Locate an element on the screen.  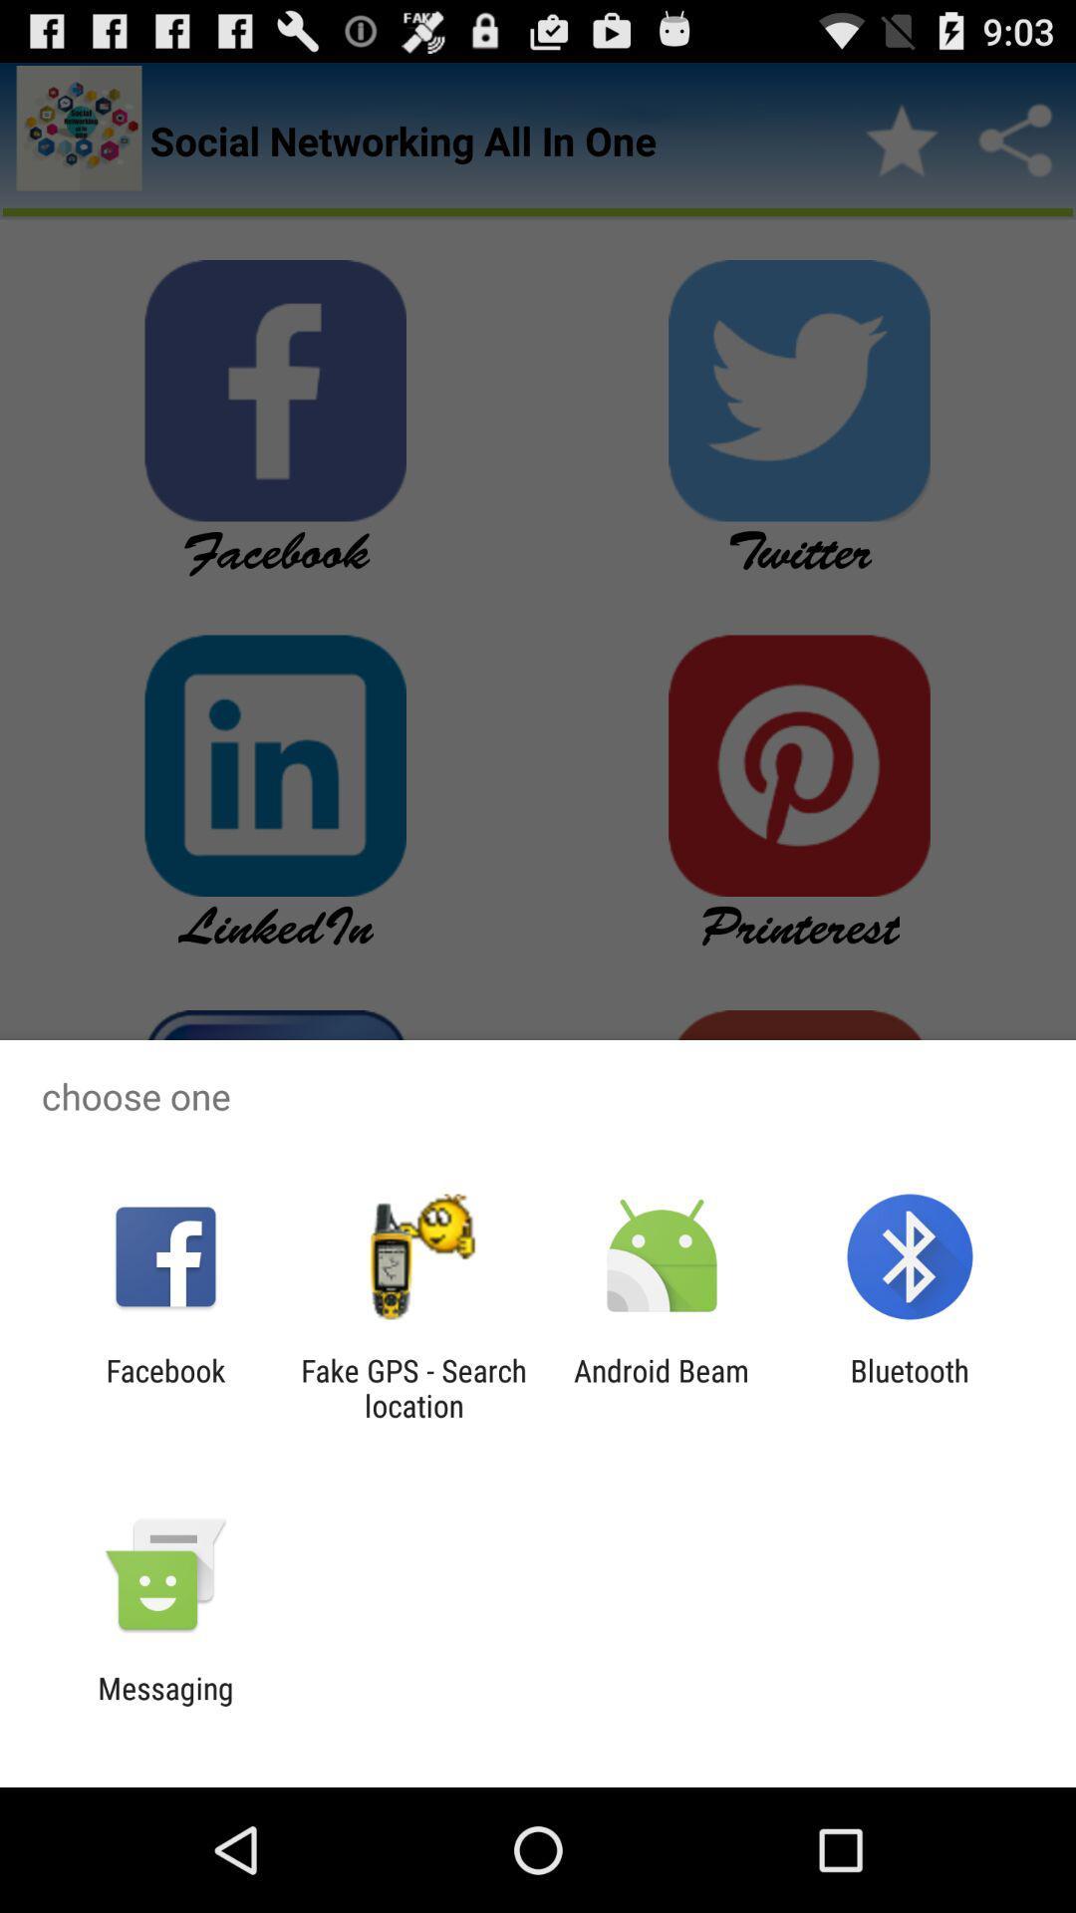
the app next to the fake gps search is located at coordinates (164, 1387).